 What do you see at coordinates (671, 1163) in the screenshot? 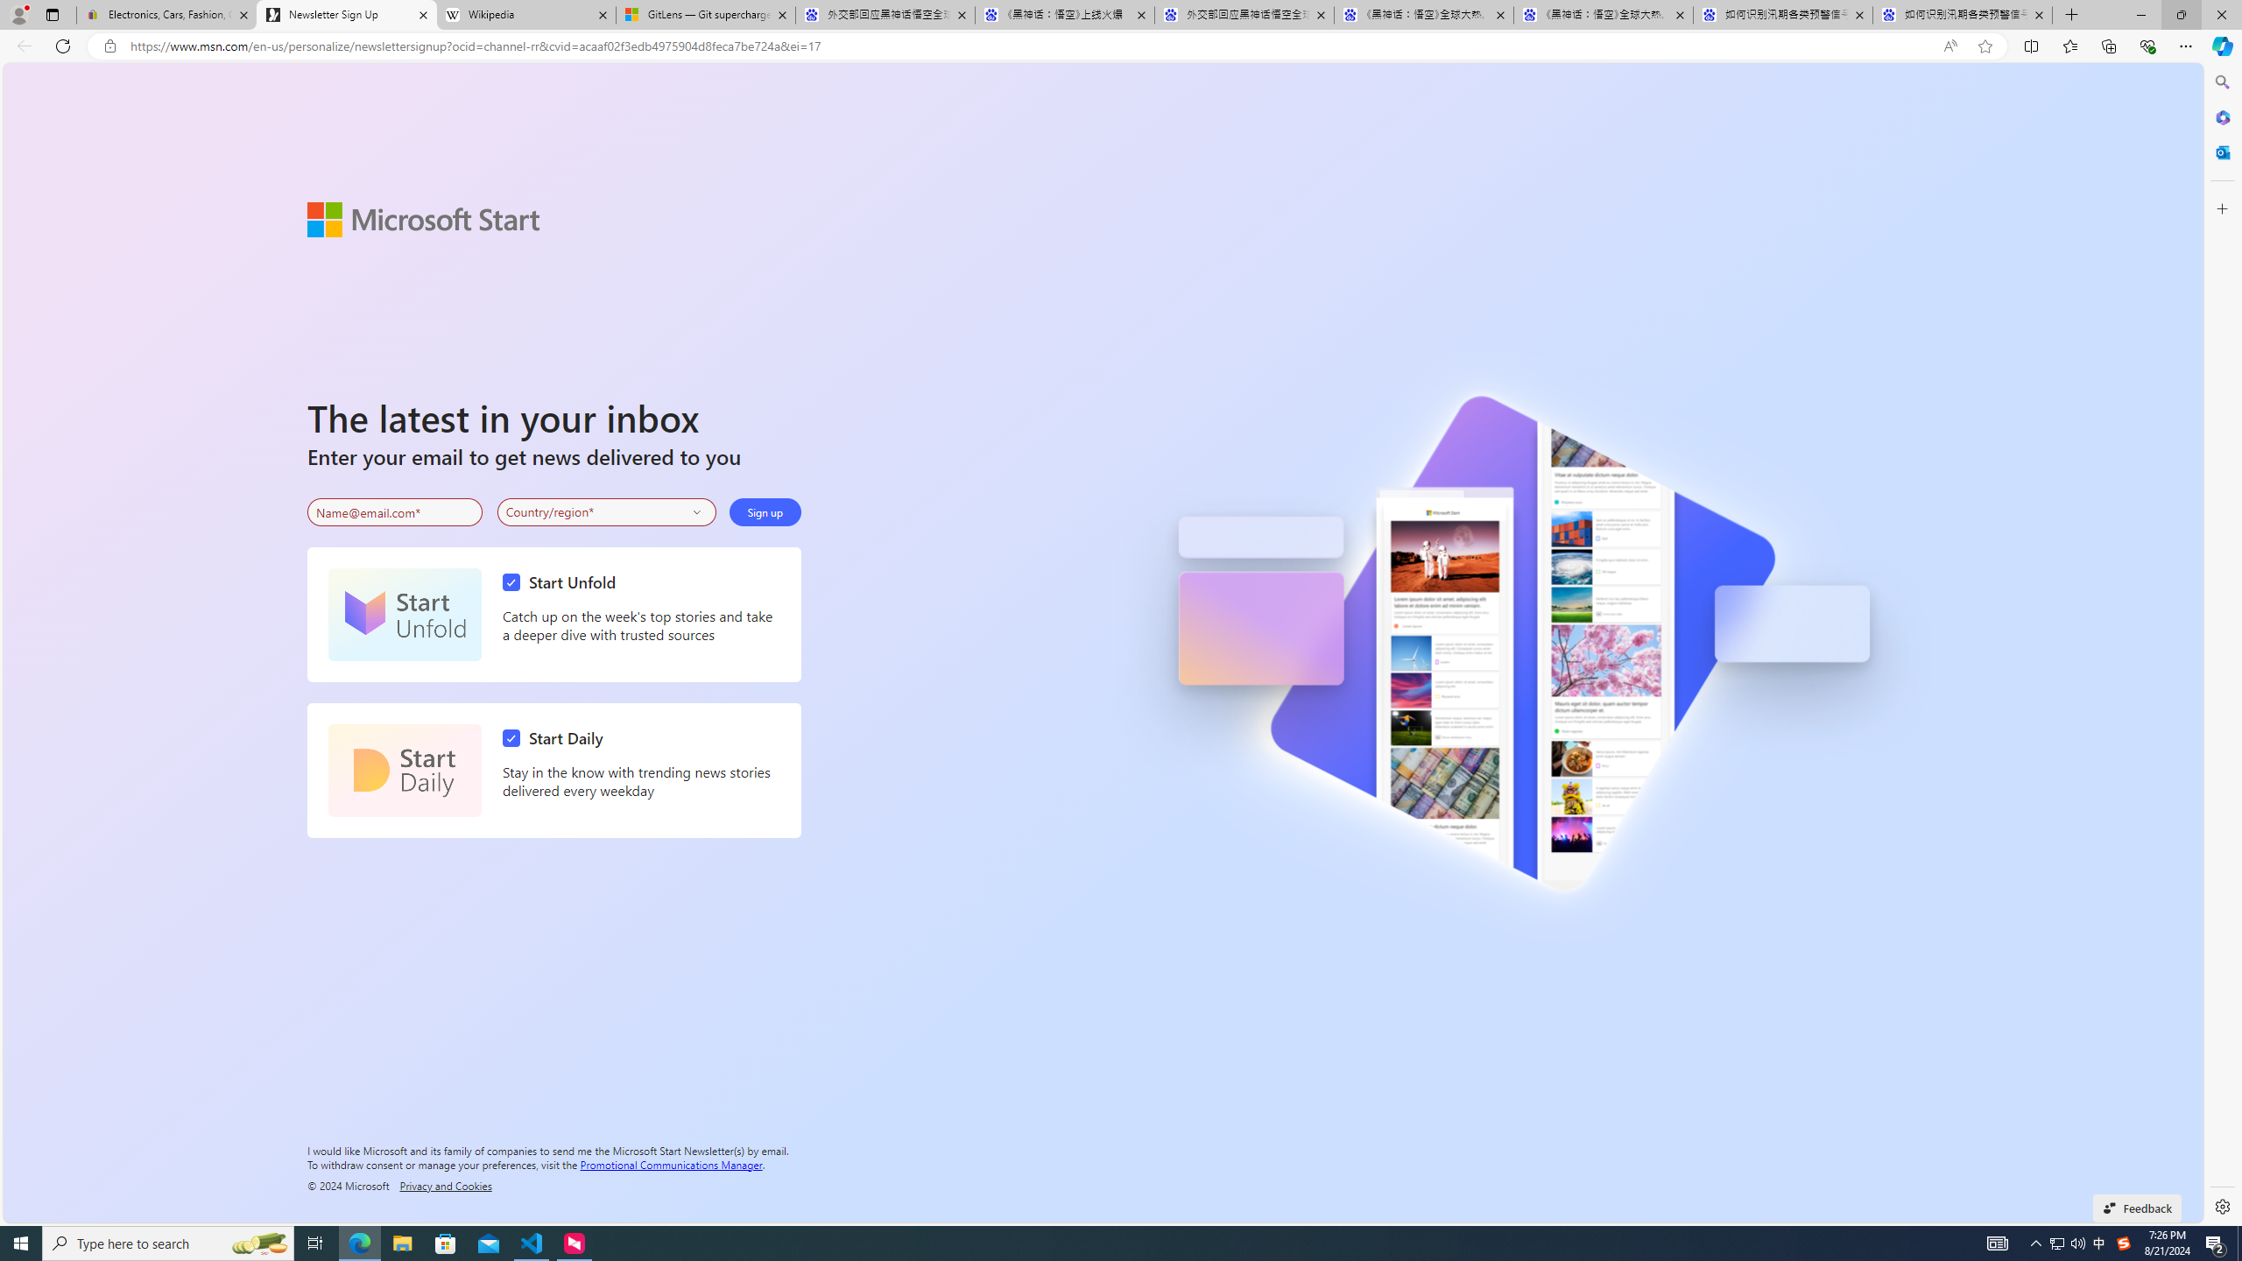
I see `'Promotional Communications Manager'` at bounding box center [671, 1163].